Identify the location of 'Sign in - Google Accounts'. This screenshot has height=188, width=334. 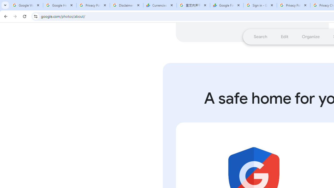
(260, 5).